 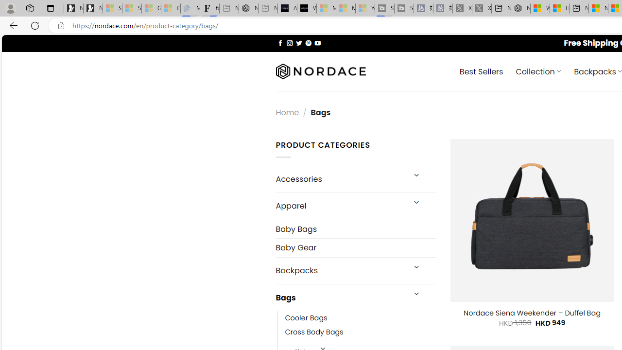 I want to click on 'Baby Bags', so click(x=355, y=229).